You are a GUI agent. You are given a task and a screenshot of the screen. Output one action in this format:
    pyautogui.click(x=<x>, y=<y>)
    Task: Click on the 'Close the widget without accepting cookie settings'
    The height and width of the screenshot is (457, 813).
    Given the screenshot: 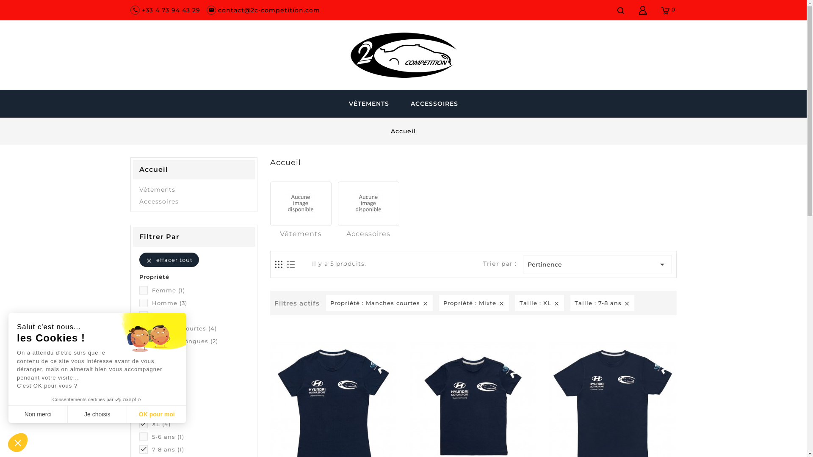 What is the action you would take?
    pyautogui.click(x=8, y=442)
    